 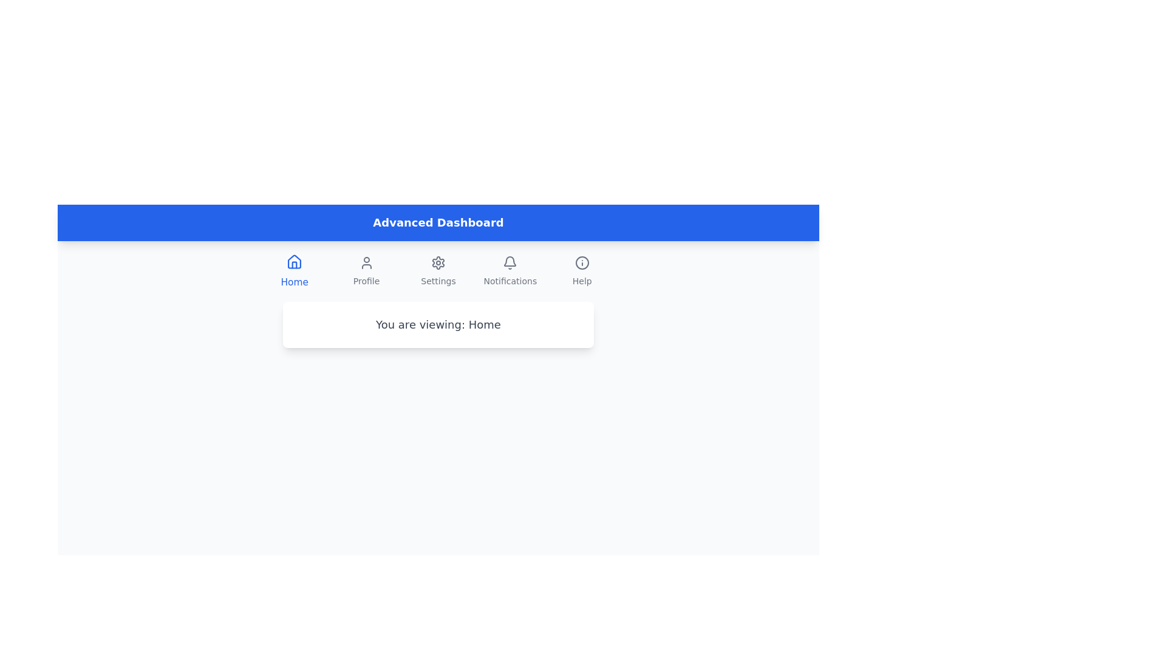 I want to click on the decorative SVG circle within the 'Help' button located at the far right of the navigation bar, so click(x=581, y=262).